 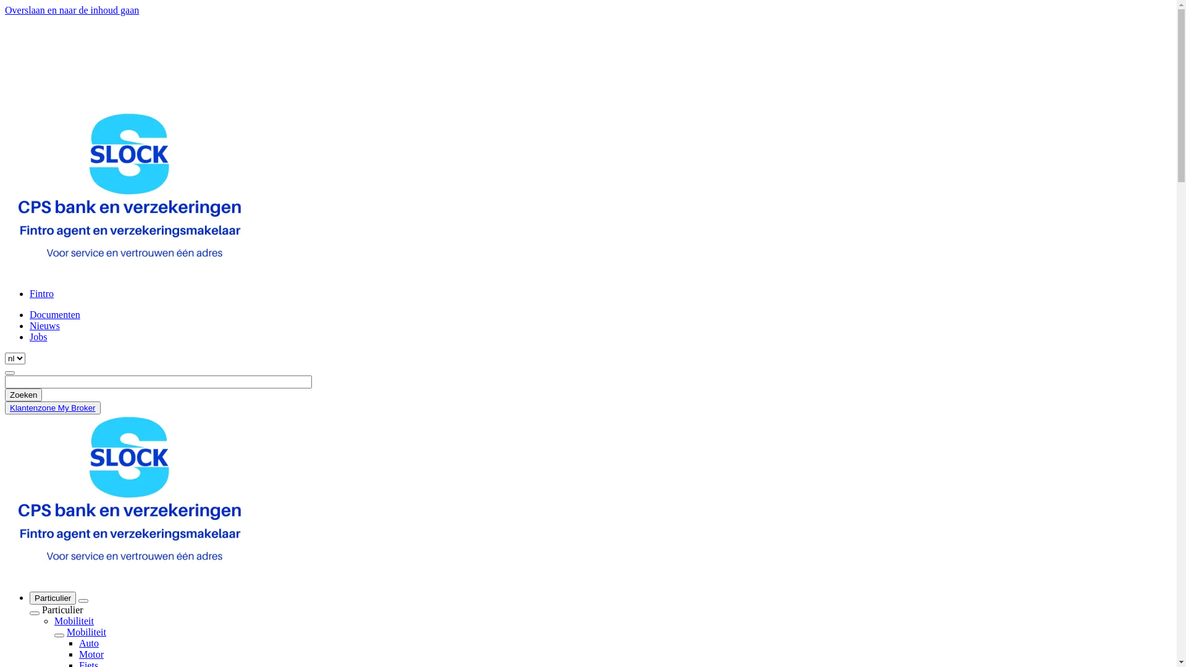 I want to click on 'Particulier', so click(x=52, y=597).